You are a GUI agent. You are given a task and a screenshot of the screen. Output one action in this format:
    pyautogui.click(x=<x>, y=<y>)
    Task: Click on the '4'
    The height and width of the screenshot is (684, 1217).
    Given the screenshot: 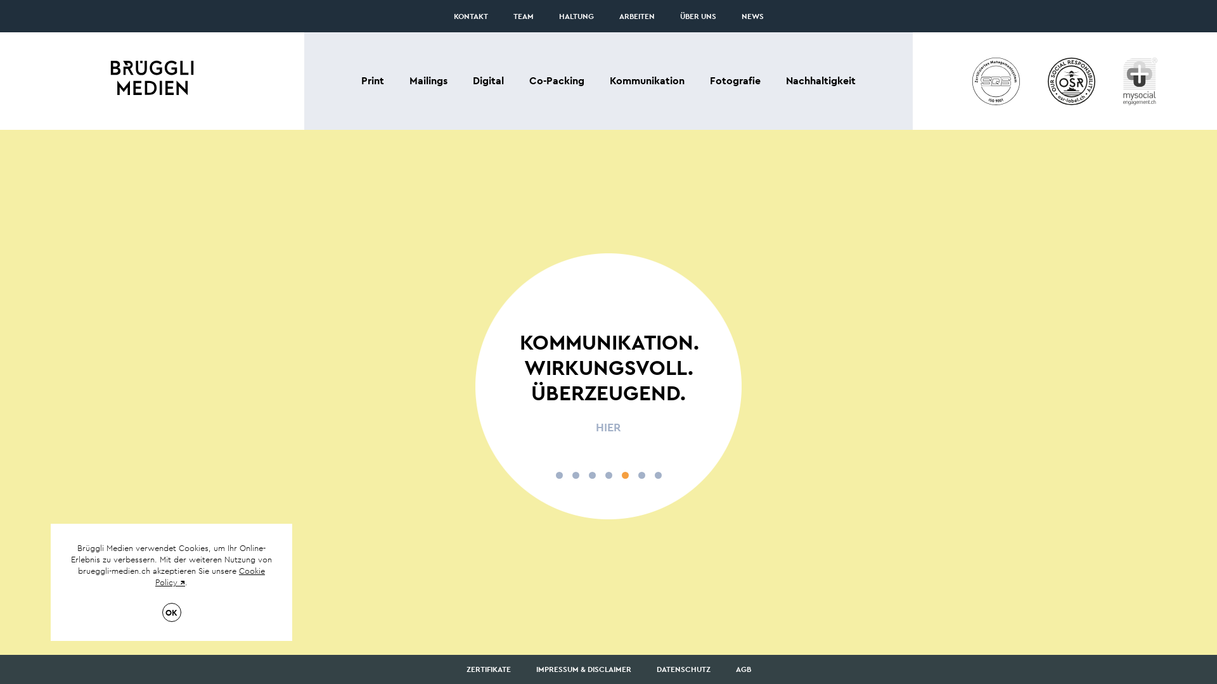 What is the action you would take?
    pyautogui.click(x=607, y=475)
    